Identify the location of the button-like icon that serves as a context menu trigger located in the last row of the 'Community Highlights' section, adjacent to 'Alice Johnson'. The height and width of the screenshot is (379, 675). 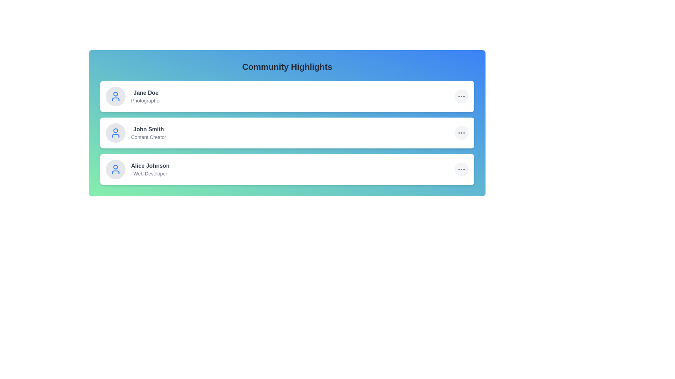
(462, 169).